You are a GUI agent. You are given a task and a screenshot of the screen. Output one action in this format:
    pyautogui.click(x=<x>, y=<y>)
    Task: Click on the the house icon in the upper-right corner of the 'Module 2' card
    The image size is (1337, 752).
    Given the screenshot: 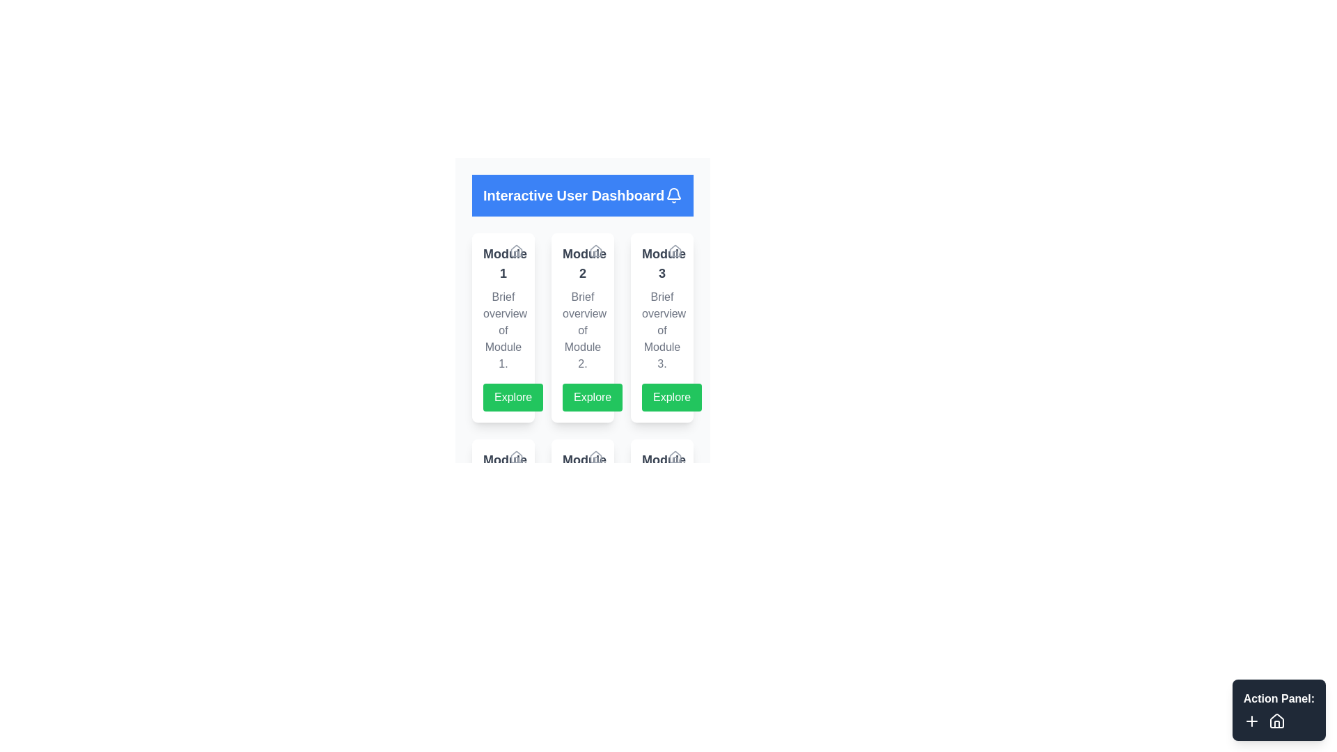 What is the action you would take?
    pyautogui.click(x=595, y=251)
    